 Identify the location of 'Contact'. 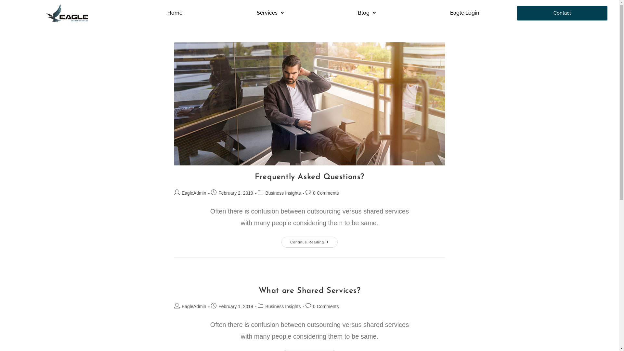
(562, 13).